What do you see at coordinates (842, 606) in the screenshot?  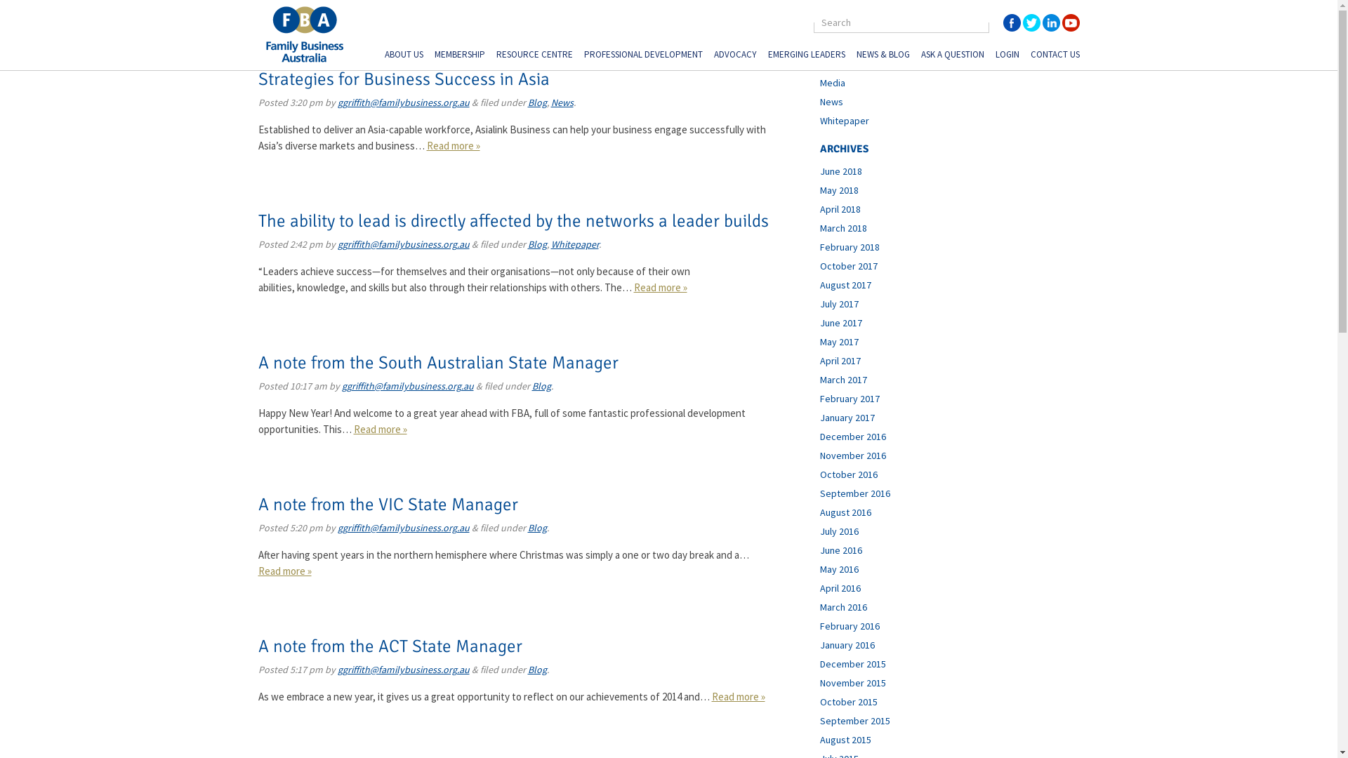 I see `'March 2016'` at bounding box center [842, 606].